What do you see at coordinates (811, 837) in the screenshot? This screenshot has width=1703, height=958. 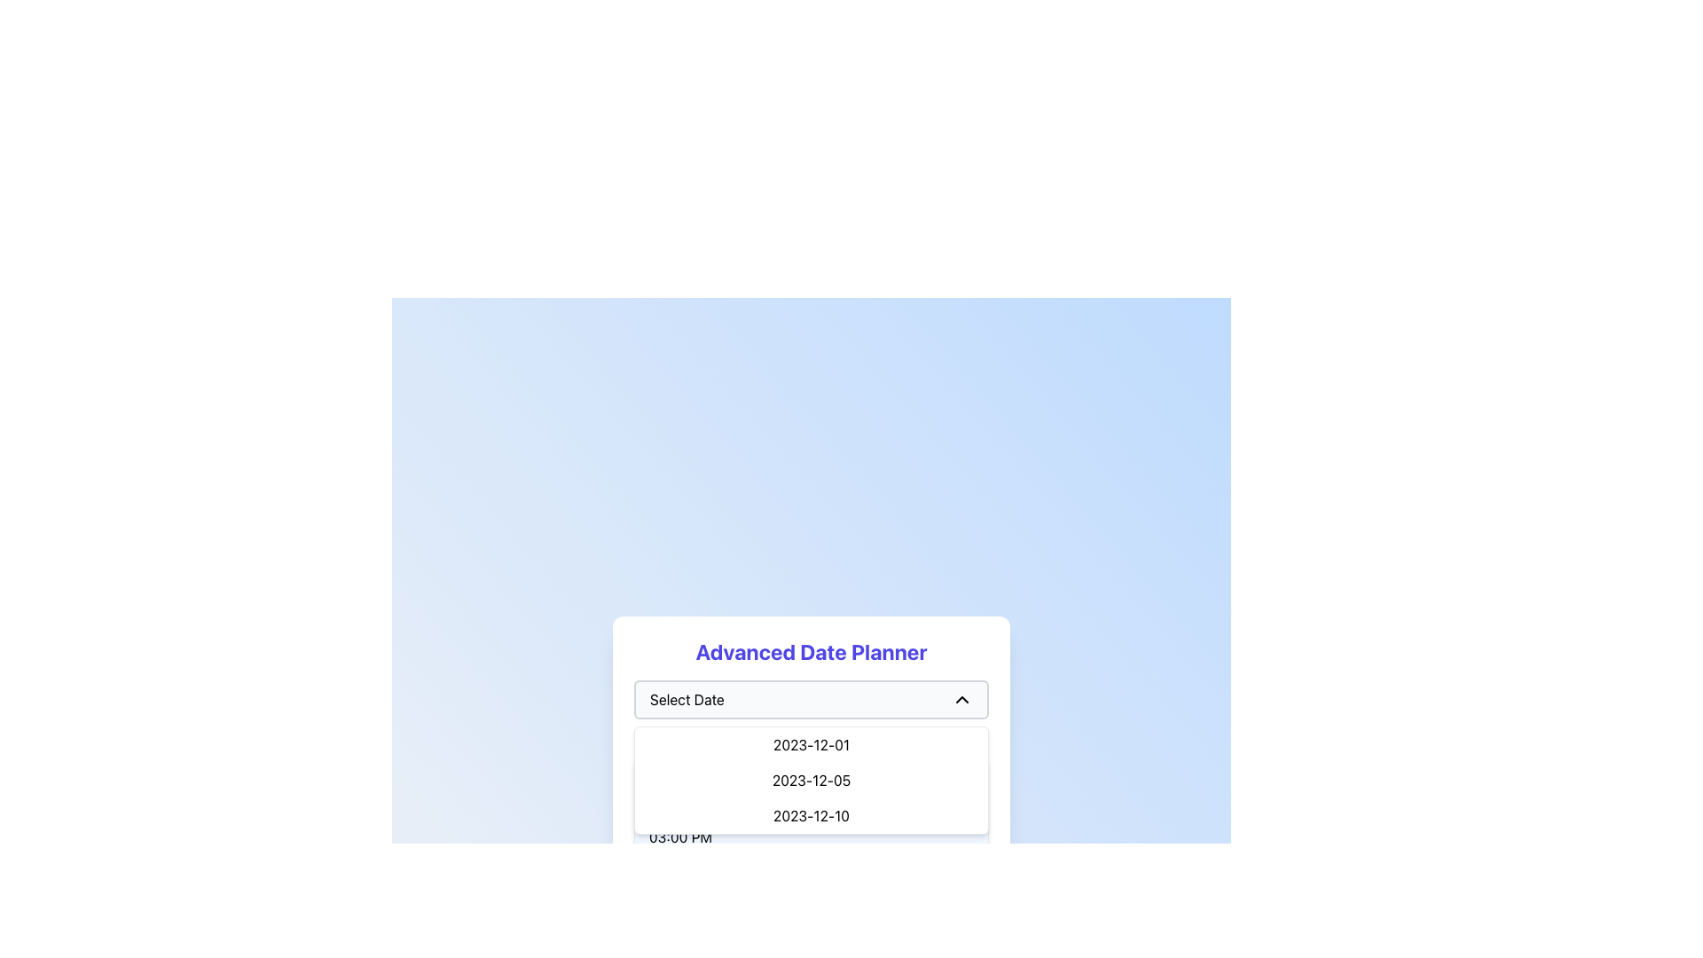 I see `the selectable time option '03:00 PM'` at bounding box center [811, 837].